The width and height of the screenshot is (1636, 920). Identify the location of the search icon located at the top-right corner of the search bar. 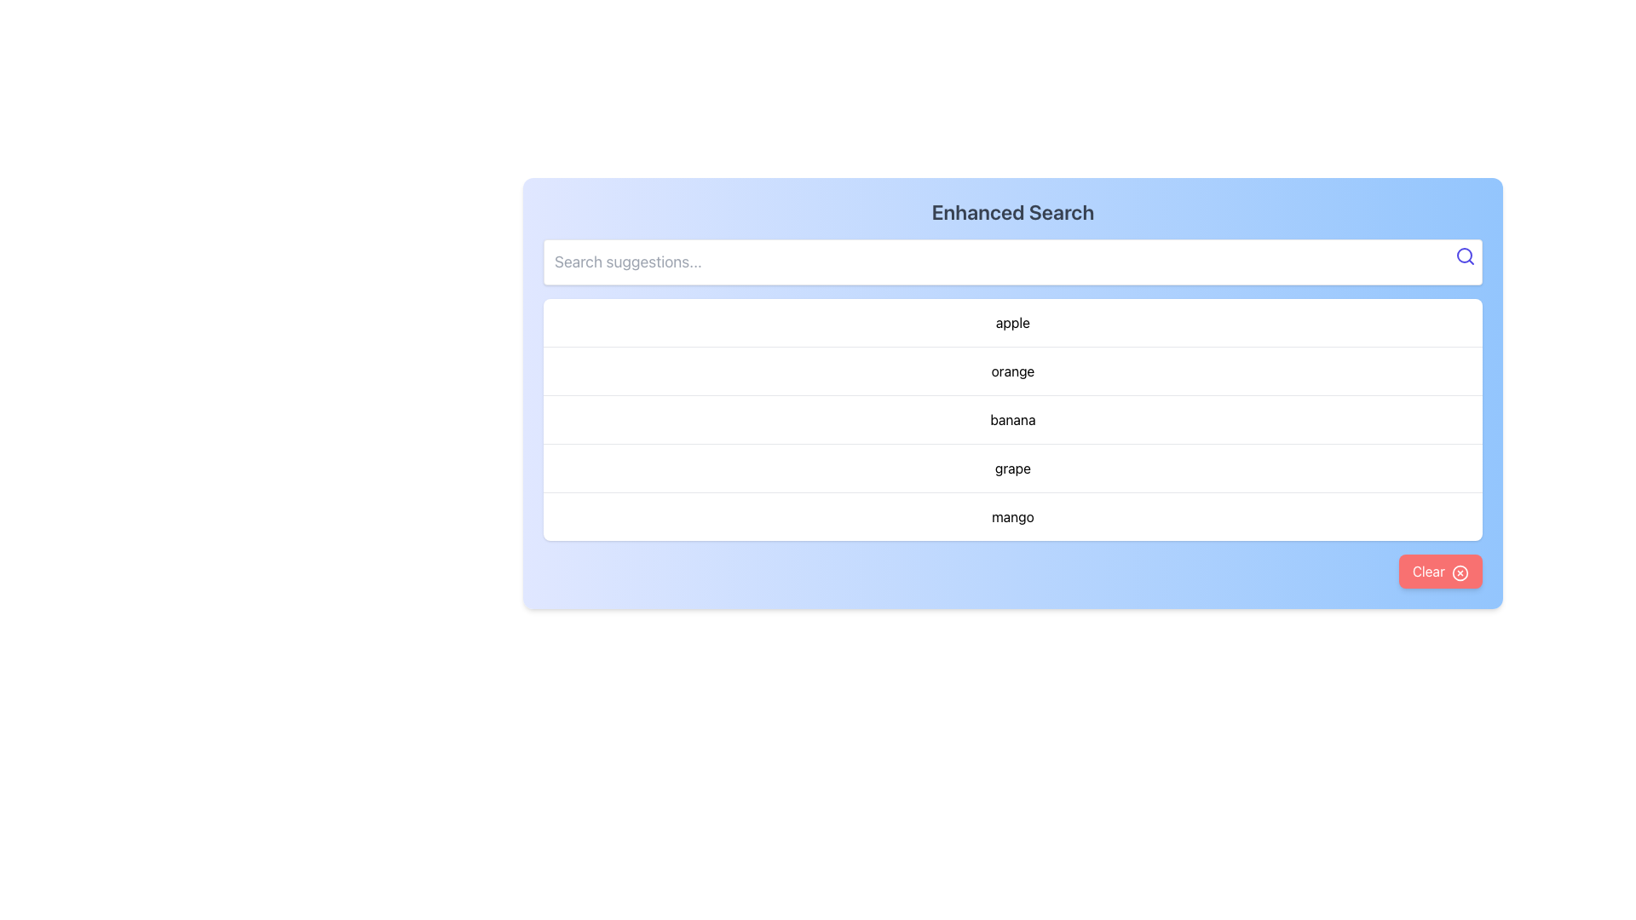
(1464, 256).